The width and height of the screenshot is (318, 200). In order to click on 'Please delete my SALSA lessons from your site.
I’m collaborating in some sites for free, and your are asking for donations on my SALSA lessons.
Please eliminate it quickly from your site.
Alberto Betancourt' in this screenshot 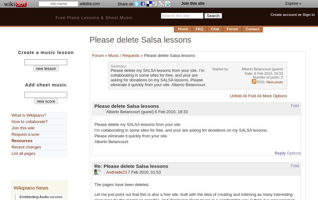, I will do `click(157, 77)`.